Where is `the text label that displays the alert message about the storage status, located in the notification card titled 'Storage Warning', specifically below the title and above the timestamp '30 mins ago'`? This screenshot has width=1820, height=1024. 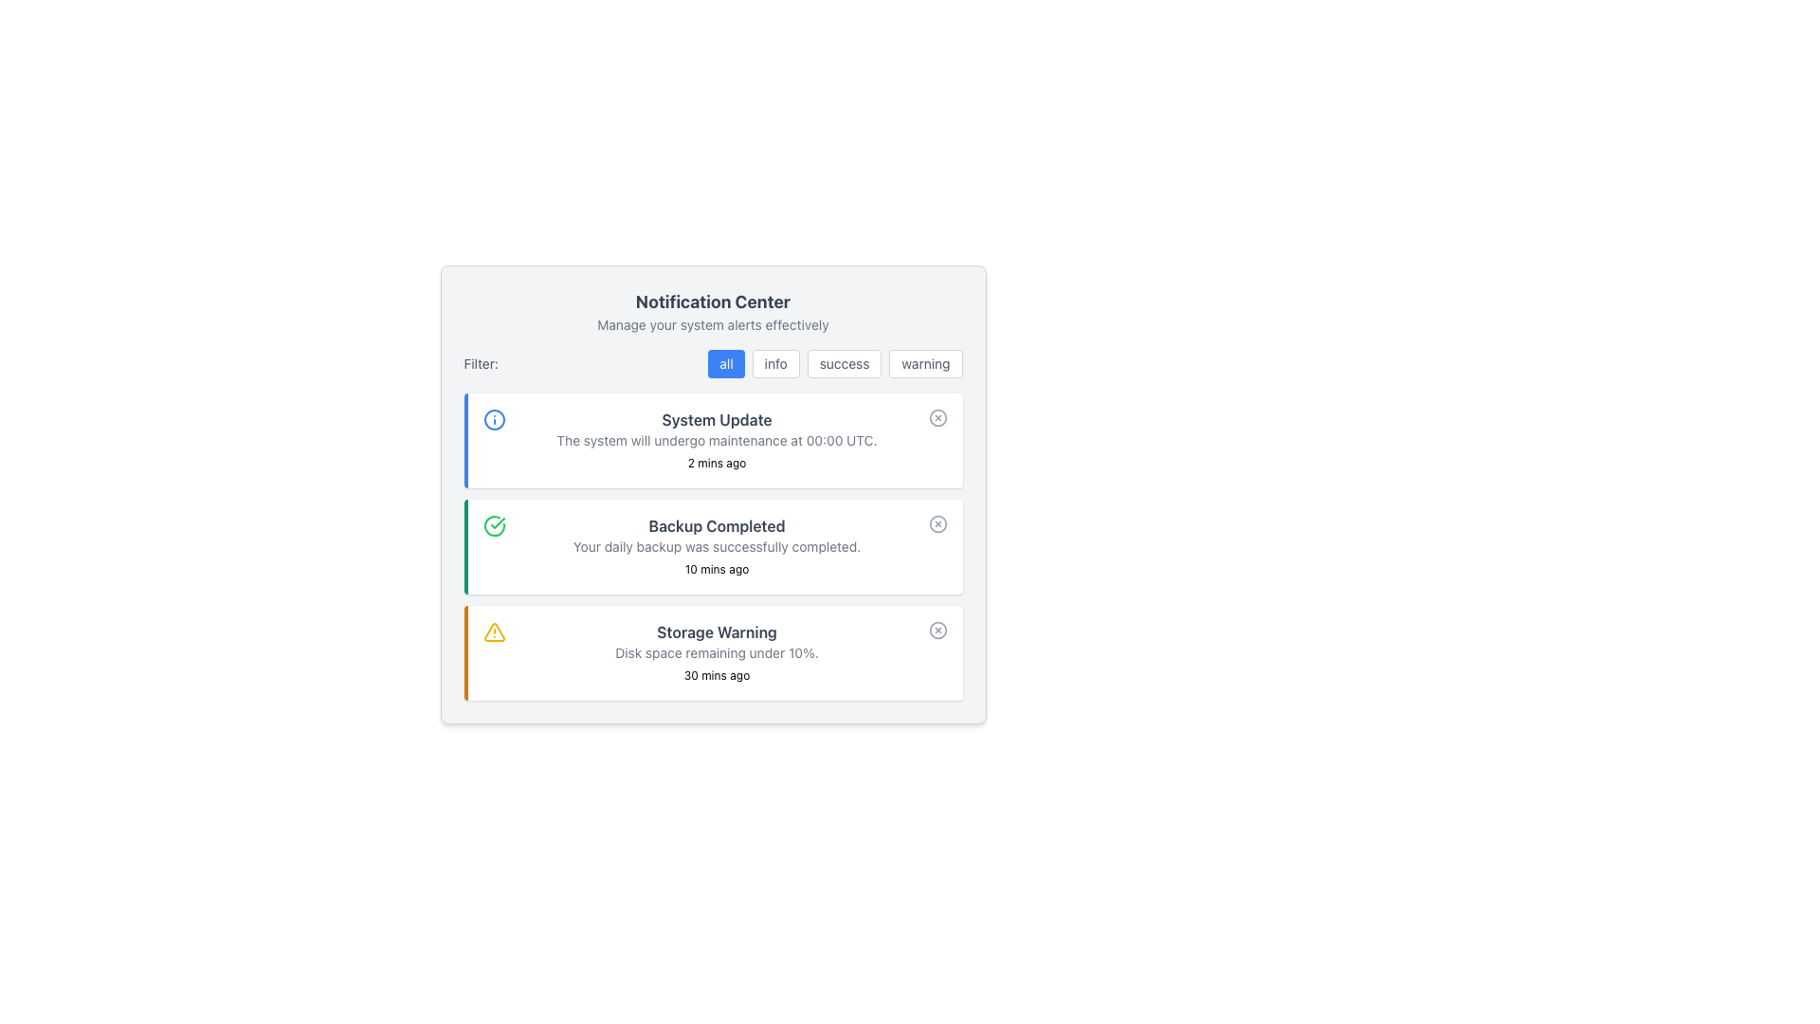 the text label that displays the alert message about the storage status, located in the notification card titled 'Storage Warning', specifically below the title and above the timestamp '30 mins ago' is located at coordinates (716, 652).